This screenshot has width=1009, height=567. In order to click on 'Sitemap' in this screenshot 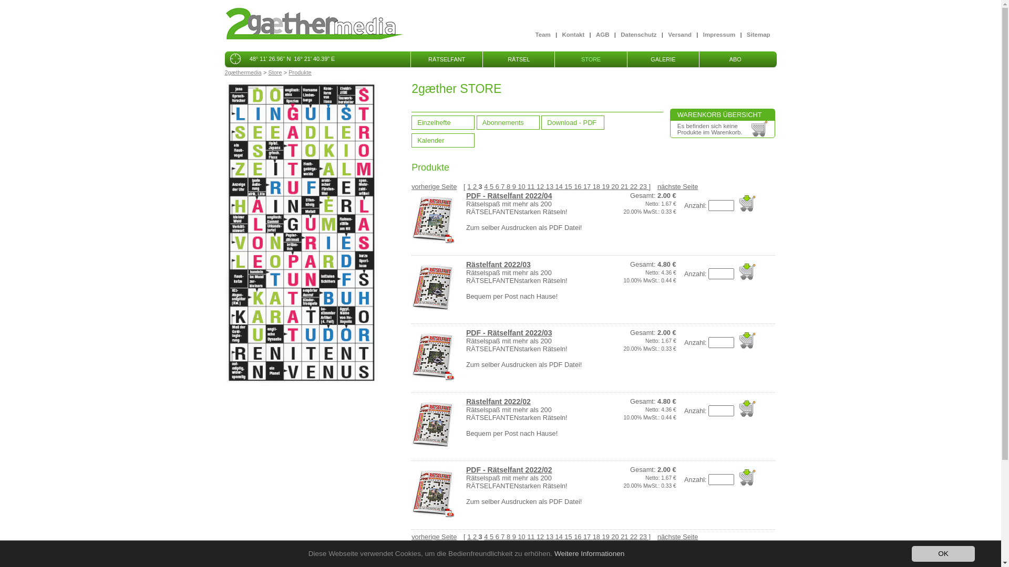, I will do `click(758, 34)`.